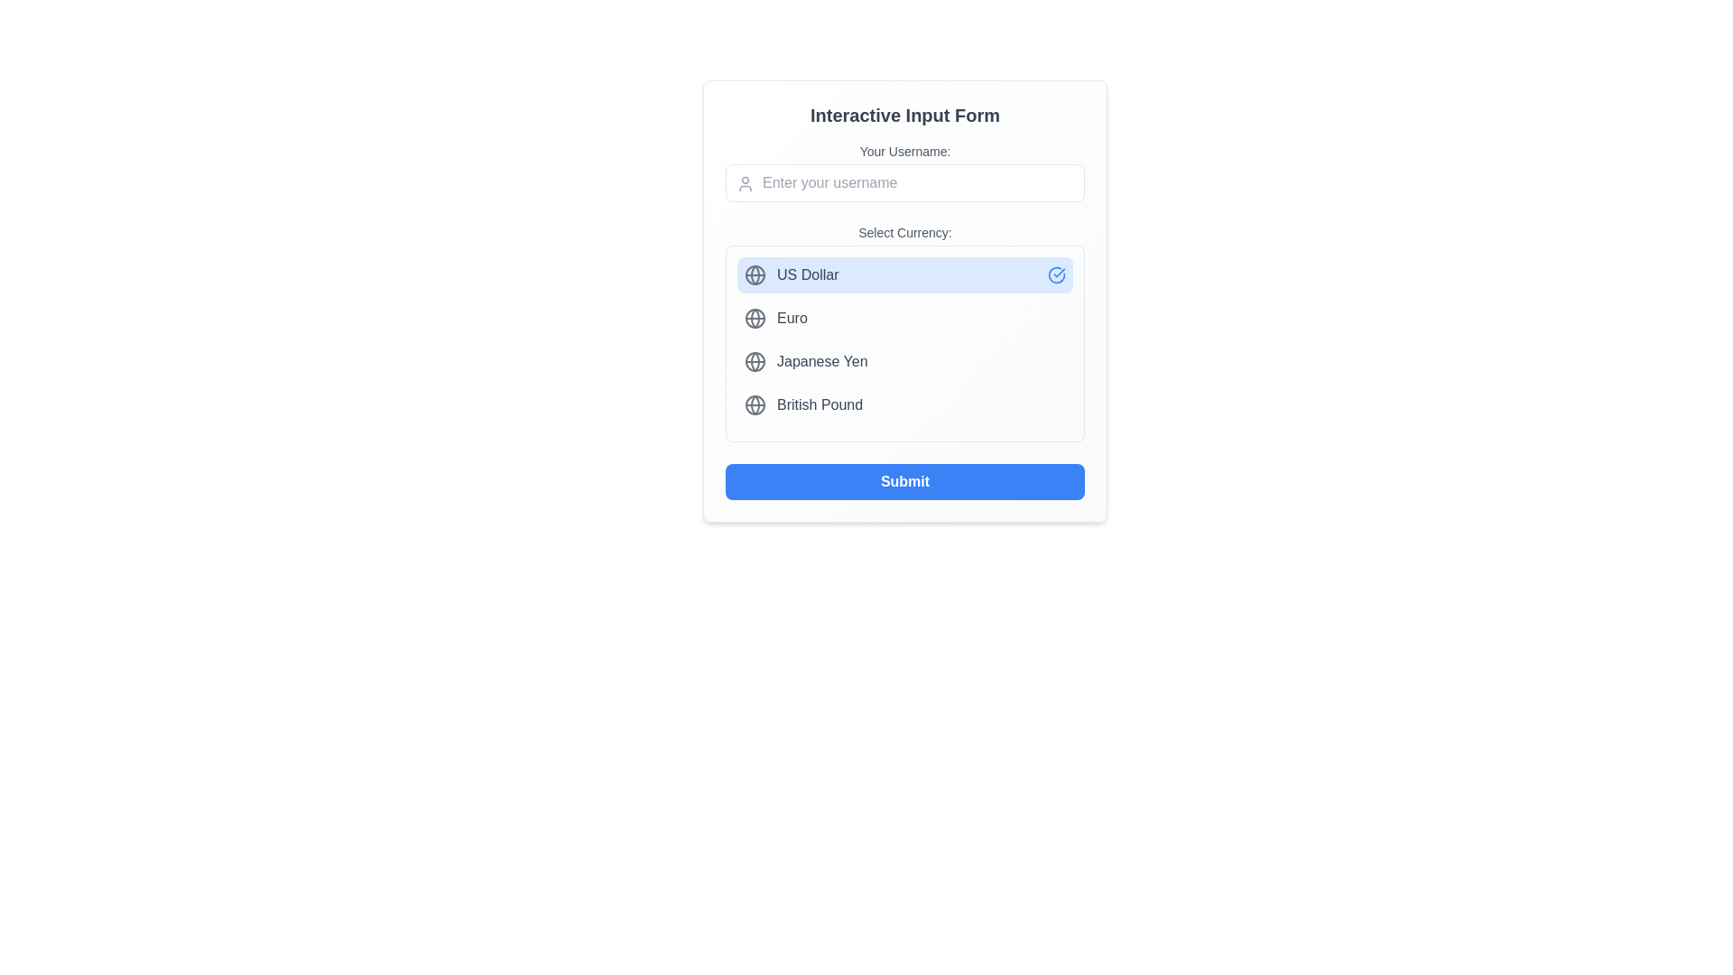  Describe the element at coordinates (821, 362) in the screenshot. I see `the 'Japanese Yen' text label` at that location.